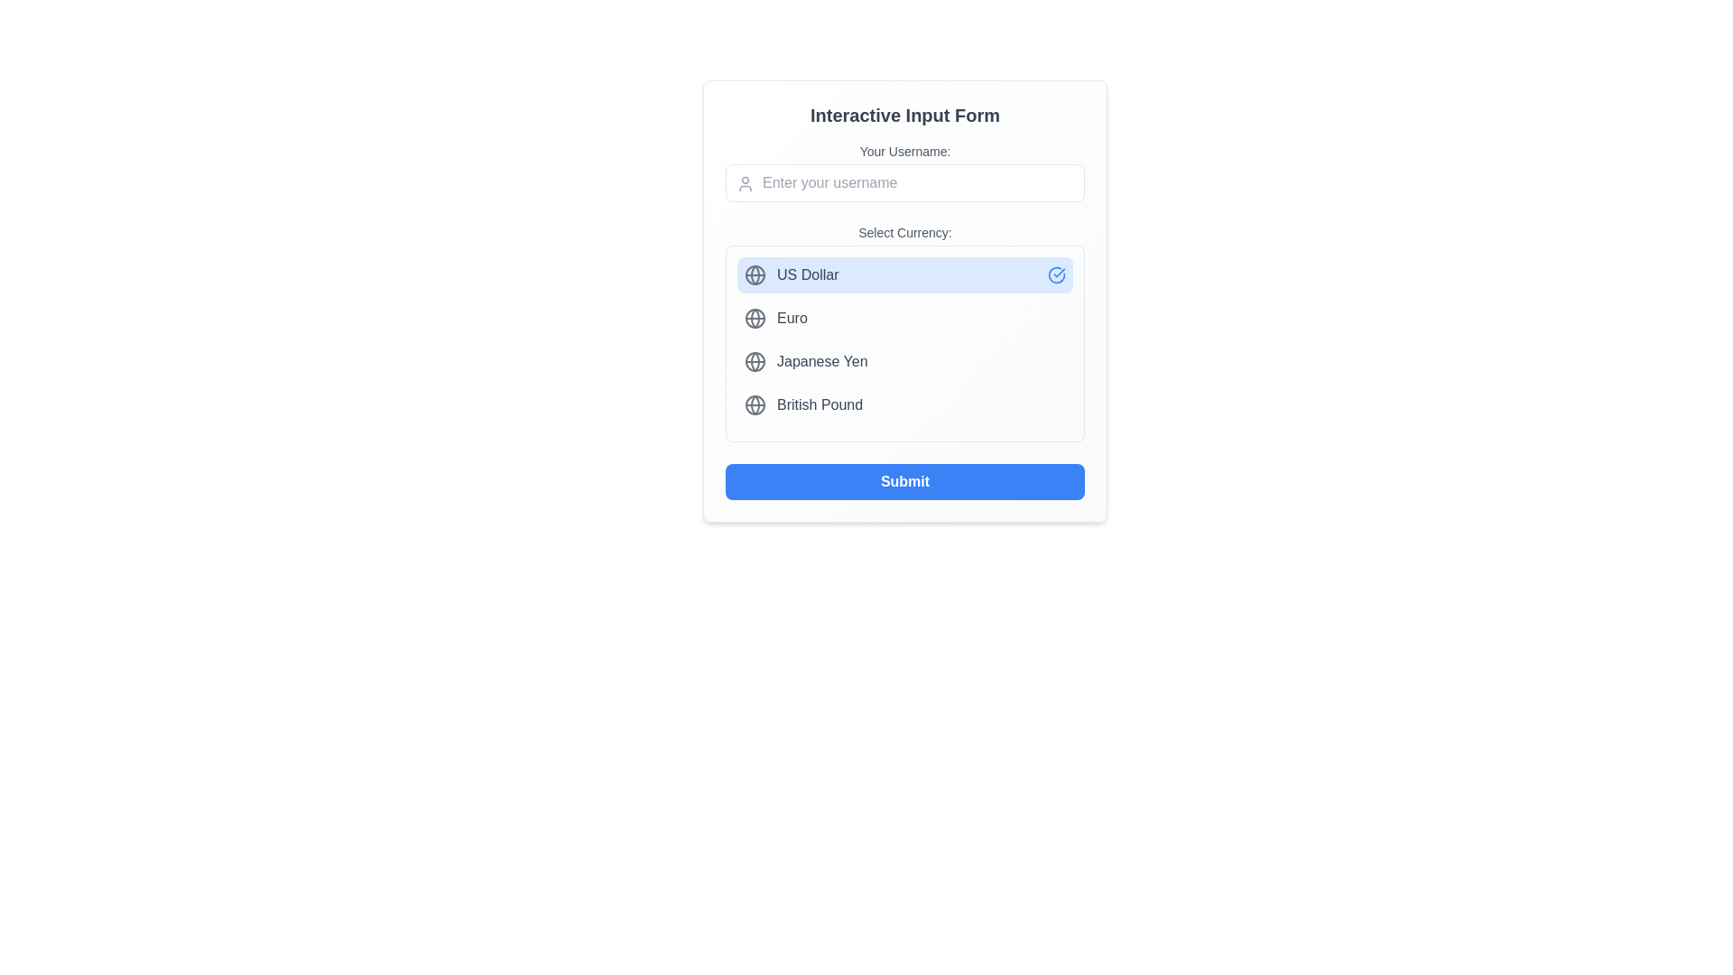  Describe the element at coordinates (821, 362) in the screenshot. I see `the 'Japanese Yen' text label` at that location.